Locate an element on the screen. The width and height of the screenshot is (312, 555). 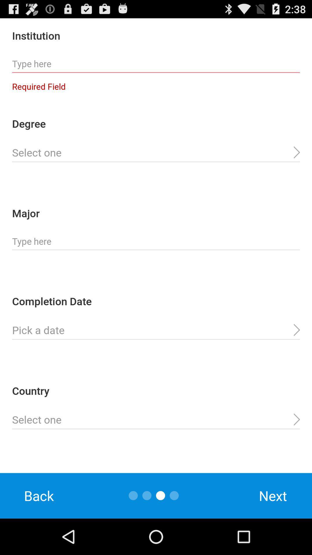
institution is located at coordinates (156, 64).